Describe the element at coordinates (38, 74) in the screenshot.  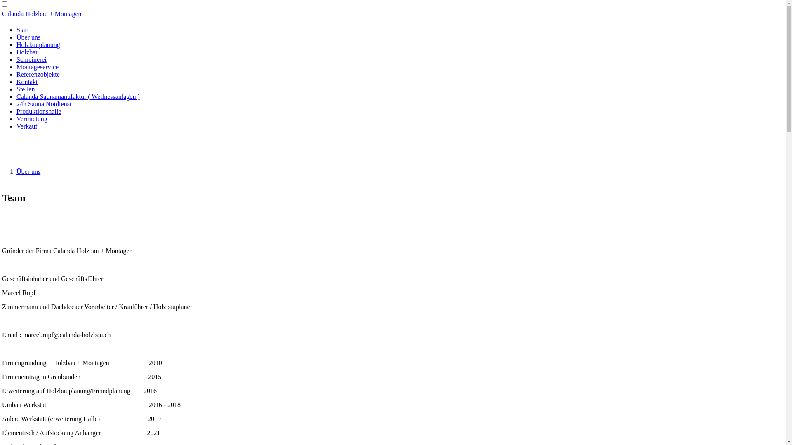
I see `'Referenzobjekte'` at that location.